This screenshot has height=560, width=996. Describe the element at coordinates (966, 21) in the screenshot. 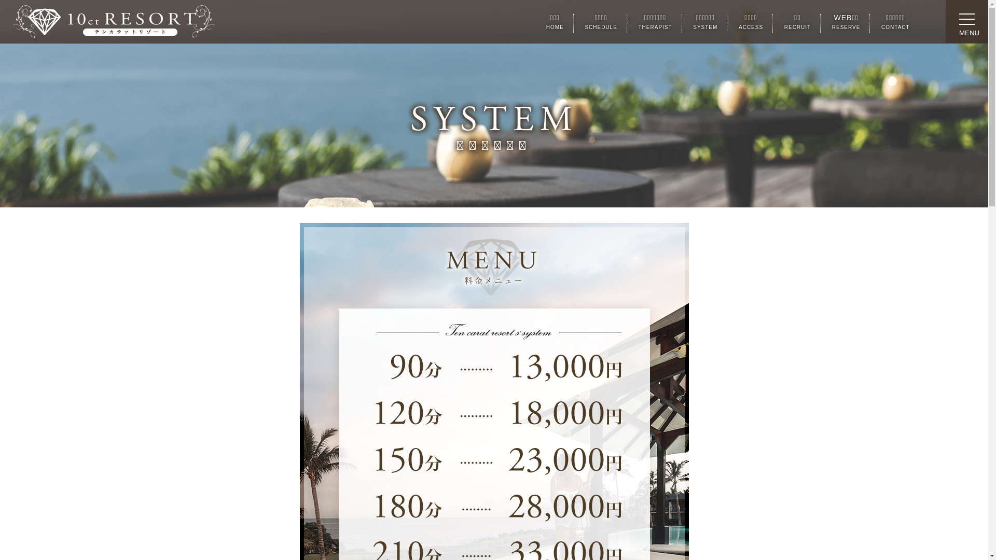

I see `'toggle navigation` at that location.